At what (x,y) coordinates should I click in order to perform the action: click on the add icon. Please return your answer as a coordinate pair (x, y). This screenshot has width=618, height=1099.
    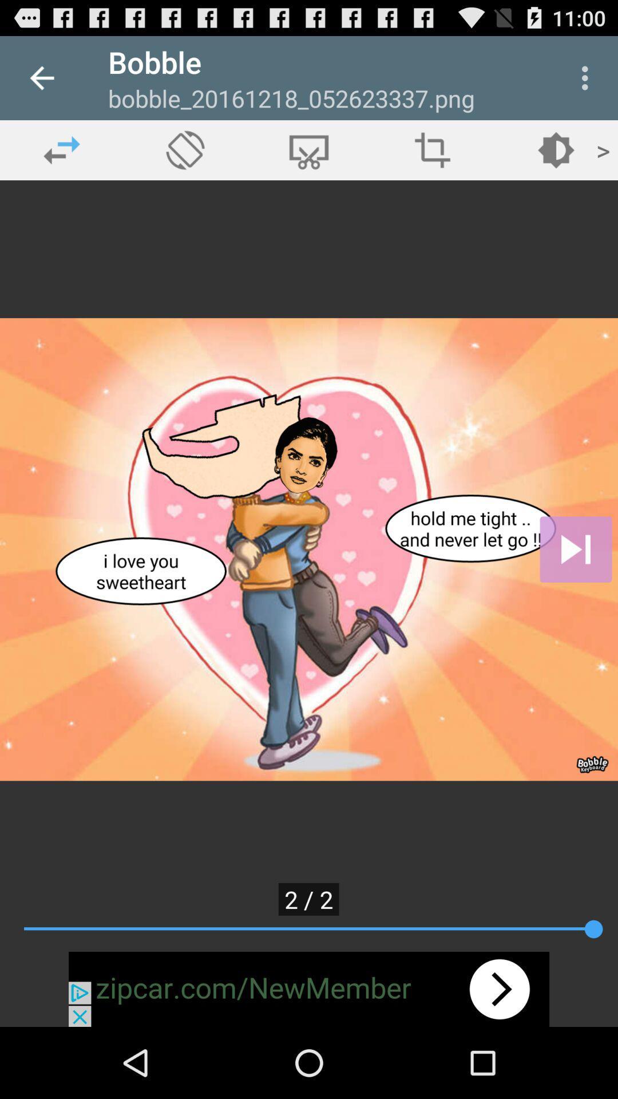
    Looking at the image, I should click on (433, 149).